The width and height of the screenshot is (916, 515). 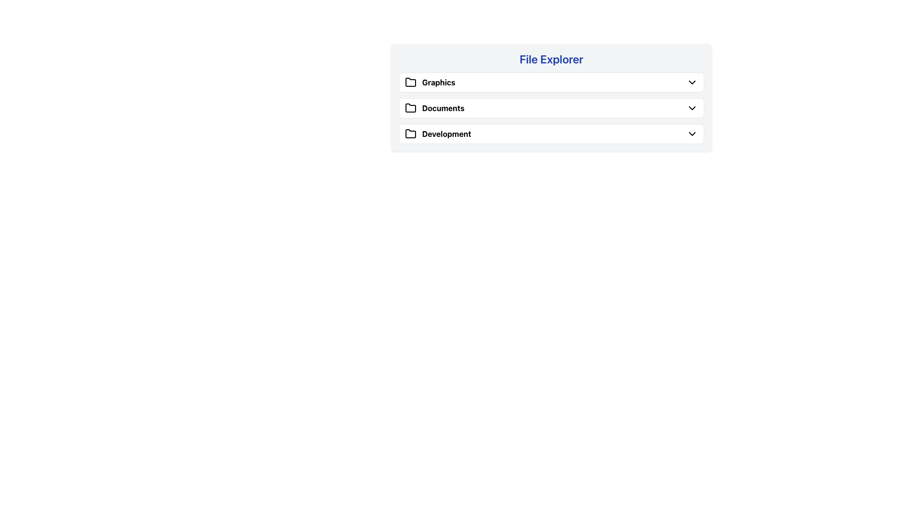 I want to click on the Dropdown Indicator Icon, which is a downward-facing chevron icon located to the far right of the 'Graphics' row, so click(x=692, y=82).